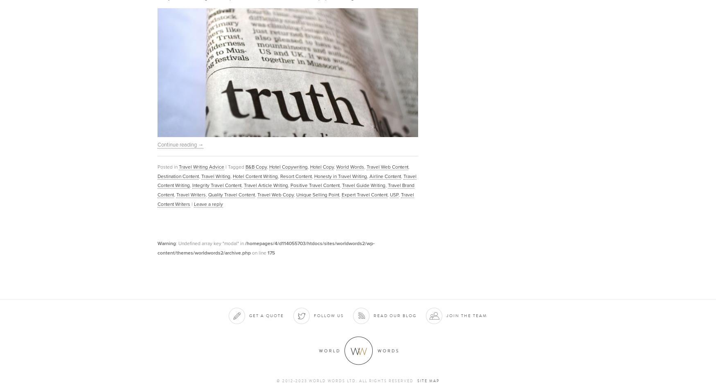  What do you see at coordinates (157, 144) in the screenshot?
I see `'Continue reading'` at bounding box center [157, 144].